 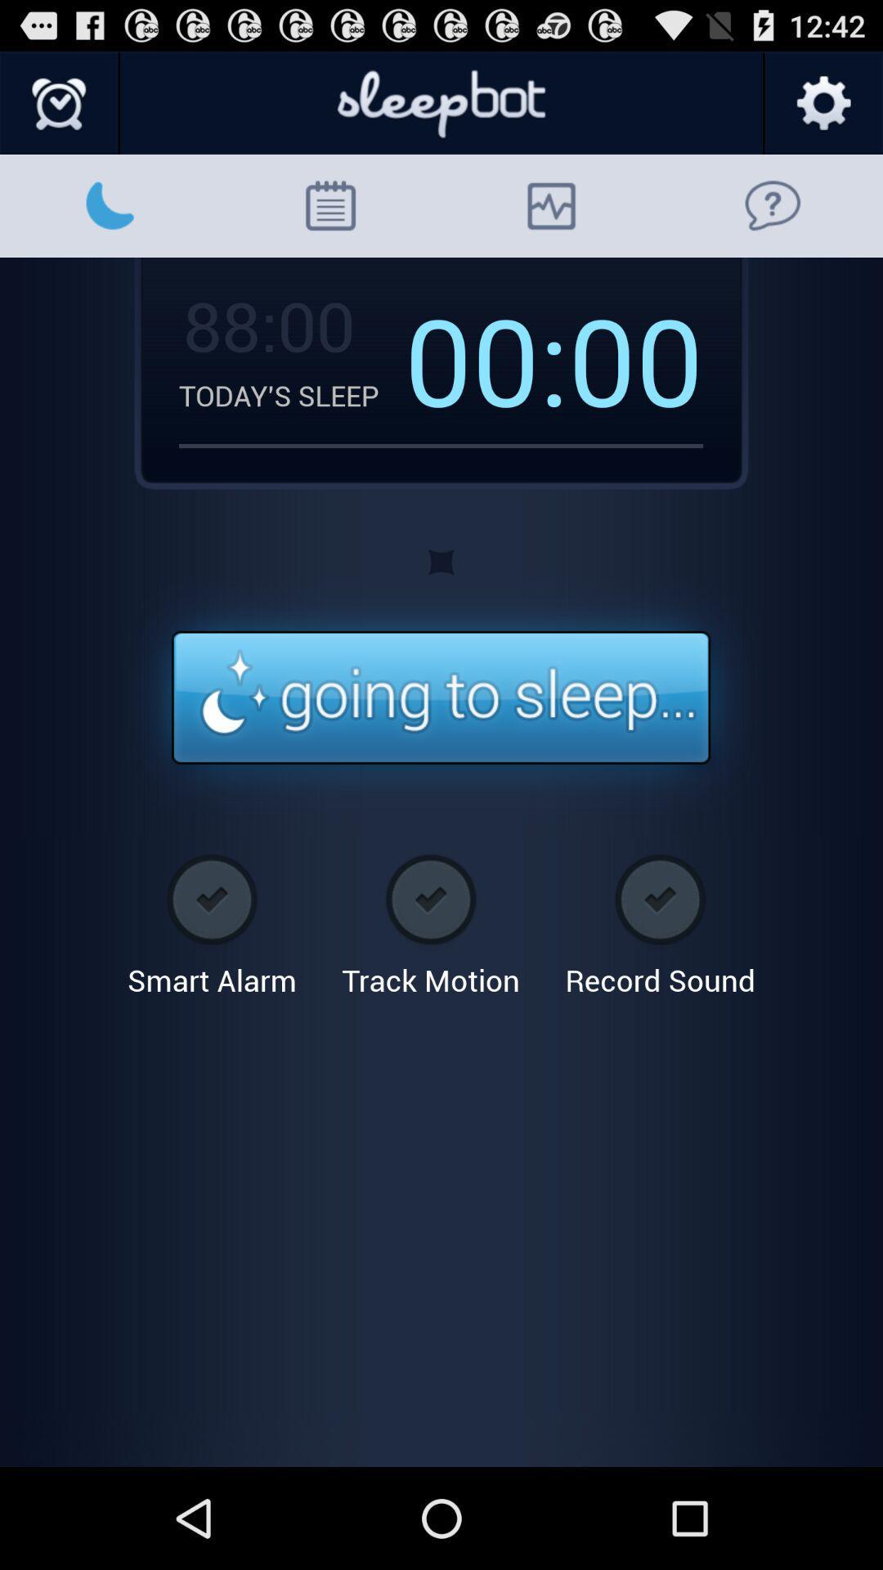 I want to click on icon to the left of track motion icon, so click(x=211, y=919).